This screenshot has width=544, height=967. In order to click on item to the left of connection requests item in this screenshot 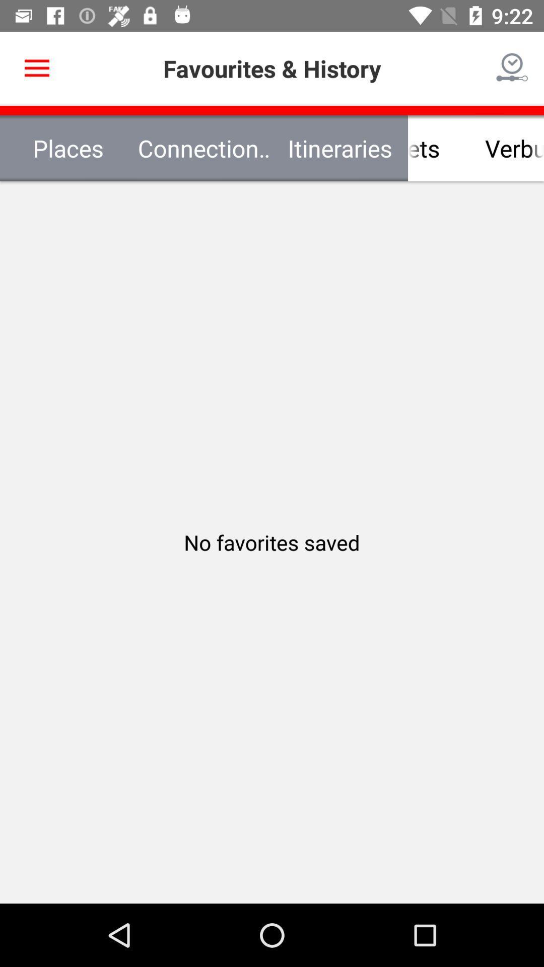, I will do `click(36, 68)`.